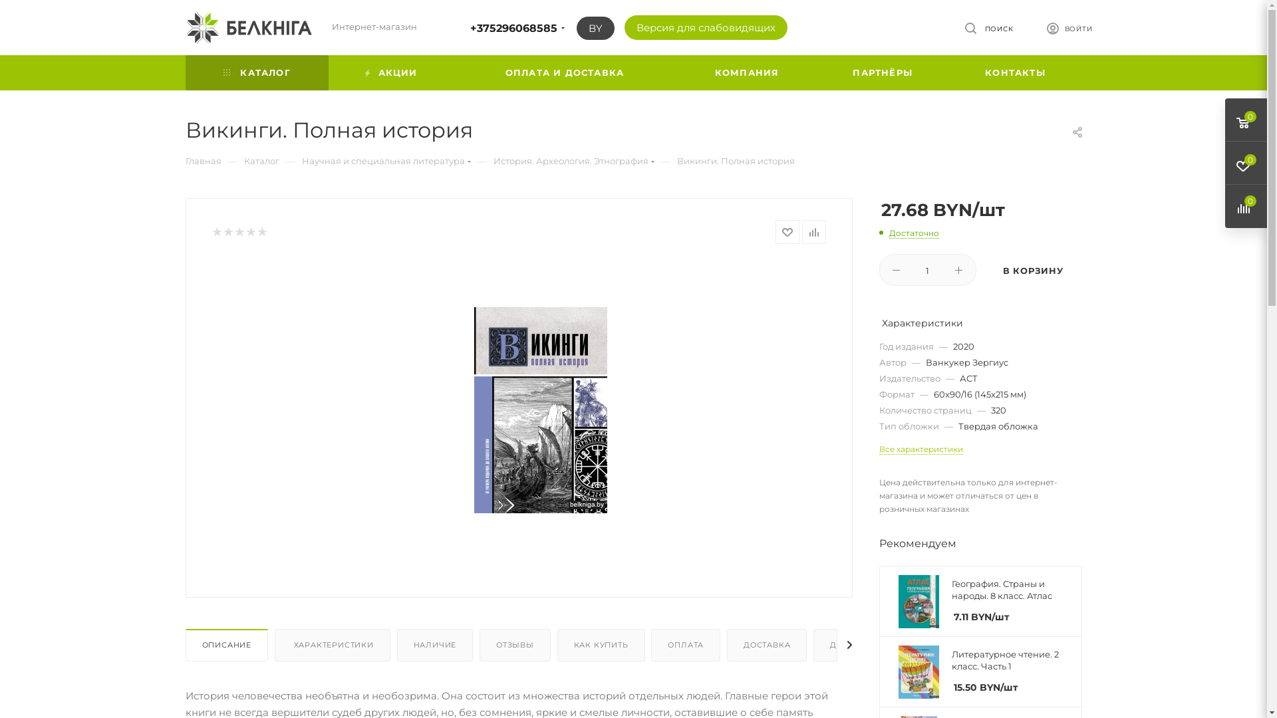  I want to click on '+375296068585', so click(469, 28).